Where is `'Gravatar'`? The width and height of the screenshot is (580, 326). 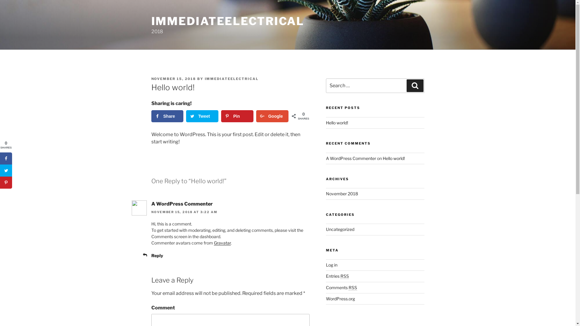
'Gravatar' is located at coordinates (222, 242).